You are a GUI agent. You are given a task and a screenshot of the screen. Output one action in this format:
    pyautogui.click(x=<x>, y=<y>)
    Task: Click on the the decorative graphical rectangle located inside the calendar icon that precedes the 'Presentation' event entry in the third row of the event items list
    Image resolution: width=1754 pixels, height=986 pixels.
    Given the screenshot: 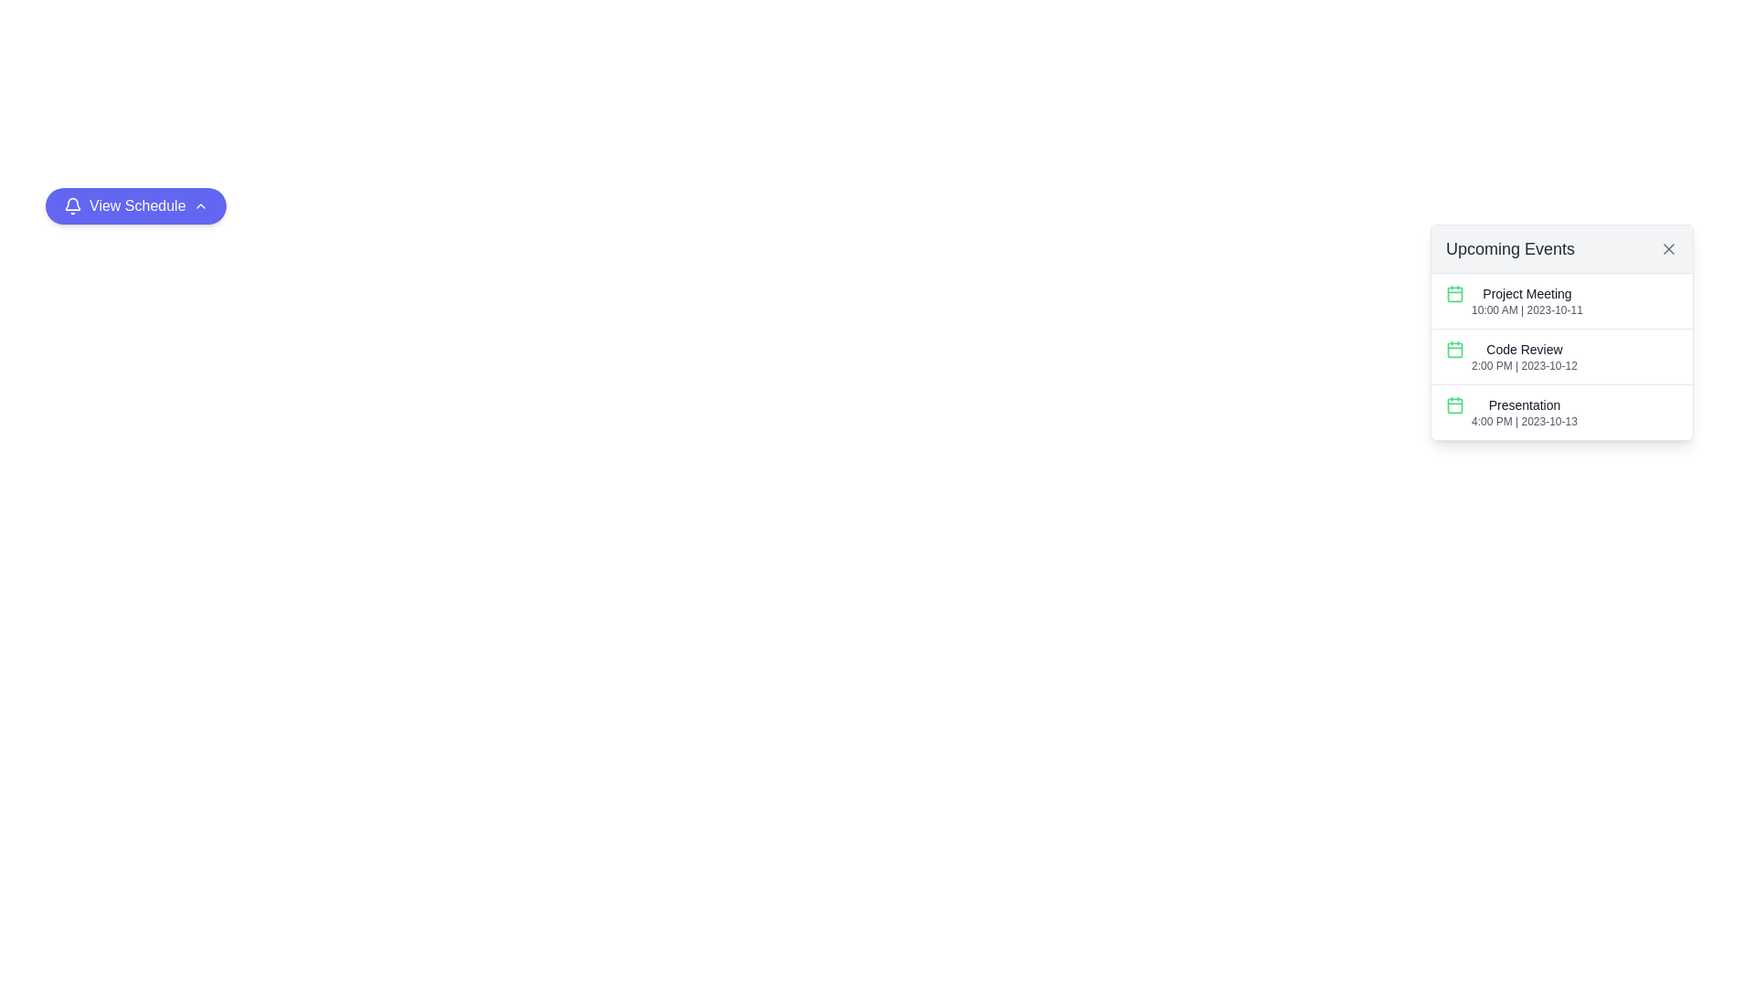 What is the action you would take?
    pyautogui.click(x=1454, y=404)
    